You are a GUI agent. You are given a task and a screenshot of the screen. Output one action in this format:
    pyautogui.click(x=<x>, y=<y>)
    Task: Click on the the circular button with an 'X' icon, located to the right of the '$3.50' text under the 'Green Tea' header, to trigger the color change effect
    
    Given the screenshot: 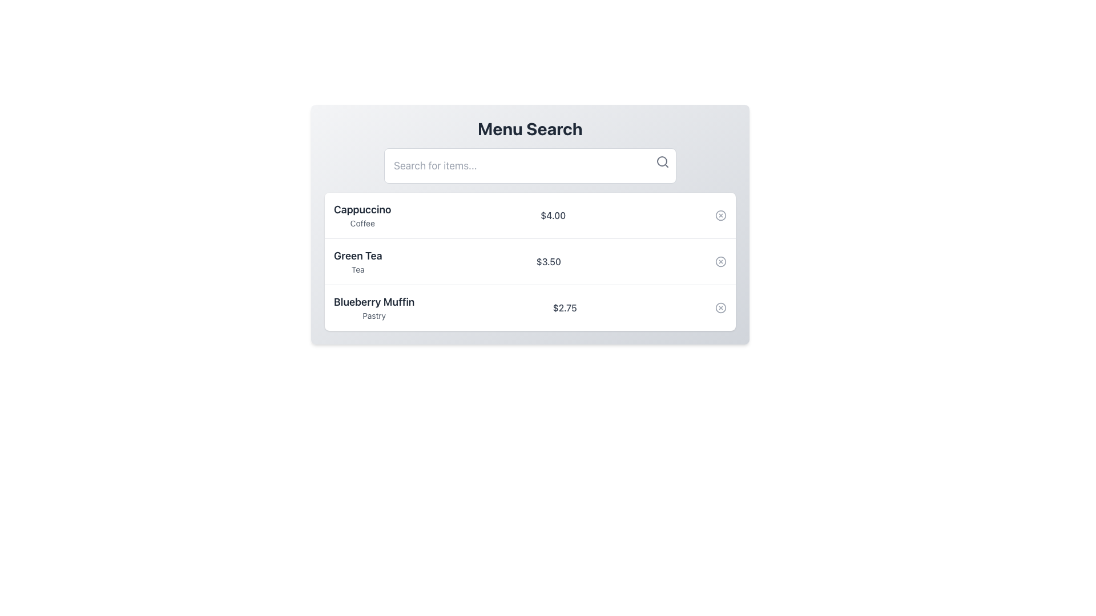 What is the action you would take?
    pyautogui.click(x=720, y=262)
    